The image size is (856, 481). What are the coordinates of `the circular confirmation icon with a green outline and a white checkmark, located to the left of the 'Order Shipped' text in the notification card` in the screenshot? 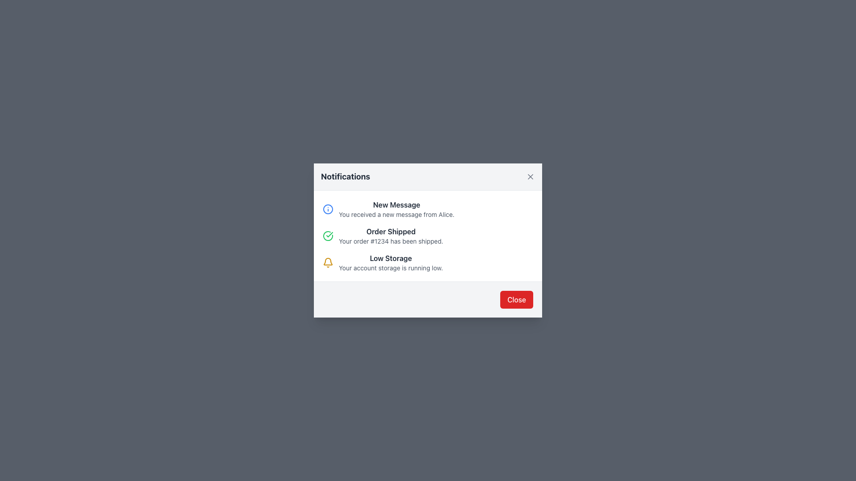 It's located at (327, 235).